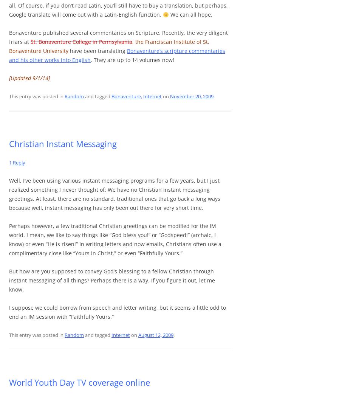 This screenshot has height=394, width=359. What do you see at coordinates (115, 239) in the screenshot?
I see `'Perhaps however, a few traditional Christian greetings can be modified for the IM world. I mean, we like to say things like “God bless you!” or “Godspeed!” (archaic, I know) or even “He is risen!” In writing letters and now emails, Christians often use a complimentary close like “Yours in Christ,” or even “Faithfully Yours.”'` at bounding box center [115, 239].